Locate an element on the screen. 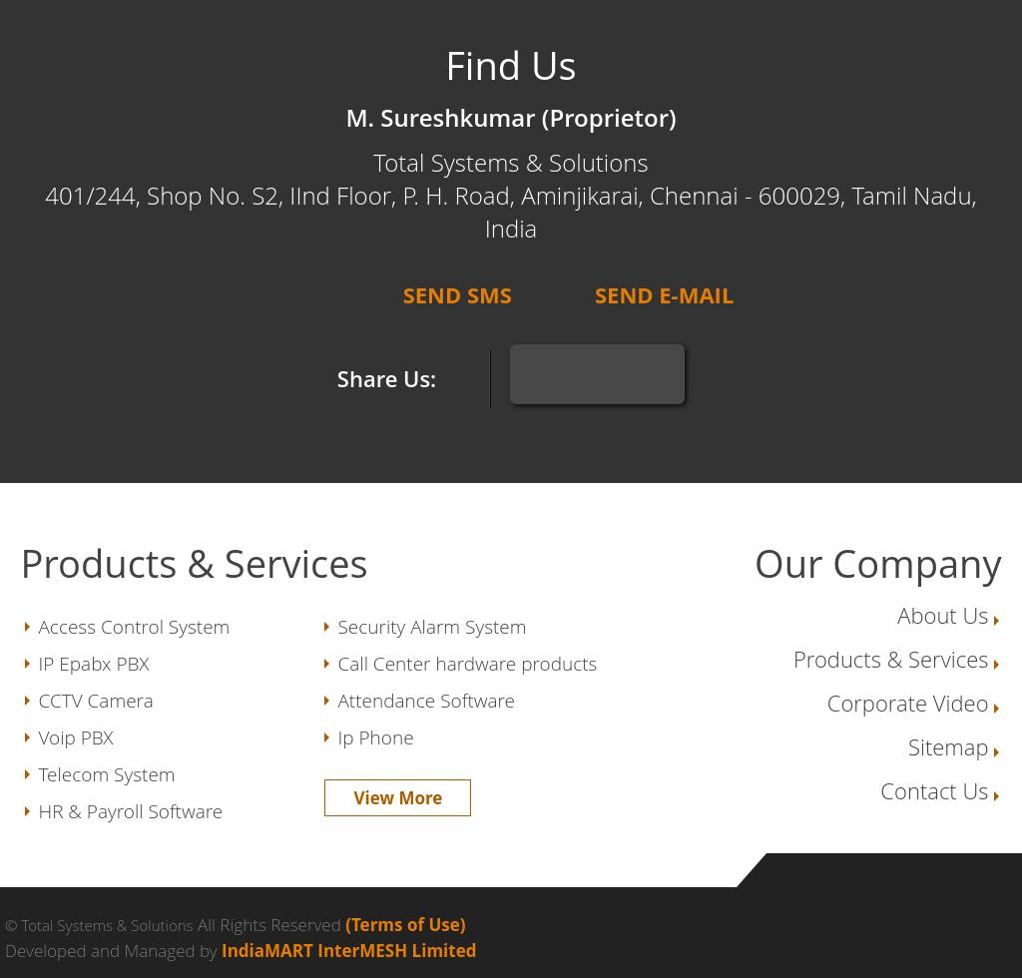  'Attendance Software' is located at coordinates (336, 699).